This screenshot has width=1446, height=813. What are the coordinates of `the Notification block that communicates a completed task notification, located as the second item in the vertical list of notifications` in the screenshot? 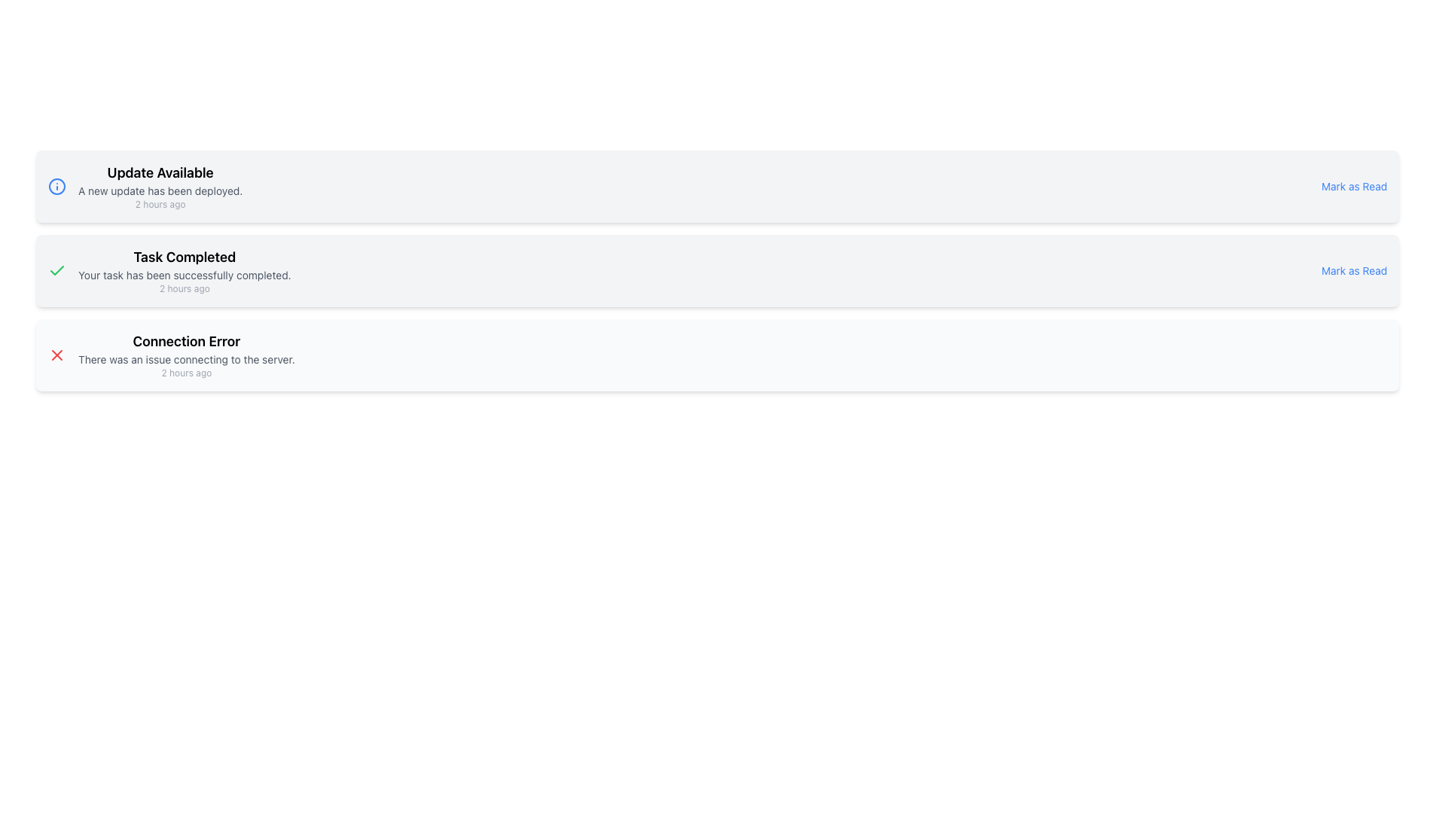 It's located at (184, 269).